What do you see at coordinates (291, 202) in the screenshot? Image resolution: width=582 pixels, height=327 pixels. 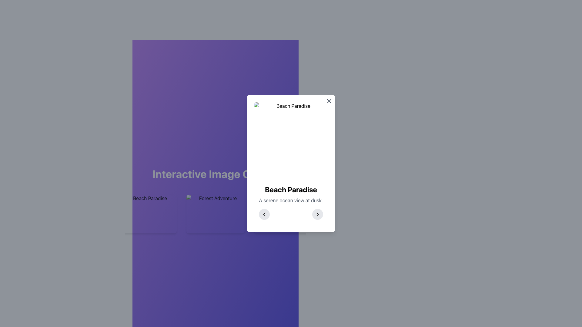 I see `the text-based informational block titled 'Beach Paradise' with the subtitle 'A serene ocean view at dusk.' positioned in the lower section of a white card` at bounding box center [291, 202].